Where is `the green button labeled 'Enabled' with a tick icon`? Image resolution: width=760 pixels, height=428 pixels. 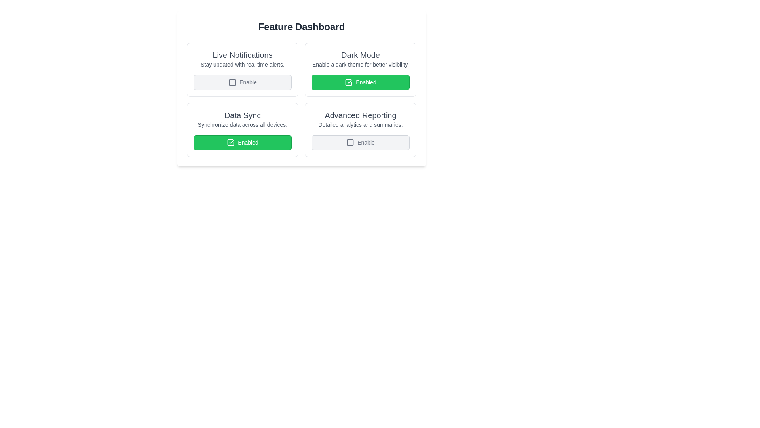 the green button labeled 'Enabled' with a tick icon is located at coordinates (360, 82).